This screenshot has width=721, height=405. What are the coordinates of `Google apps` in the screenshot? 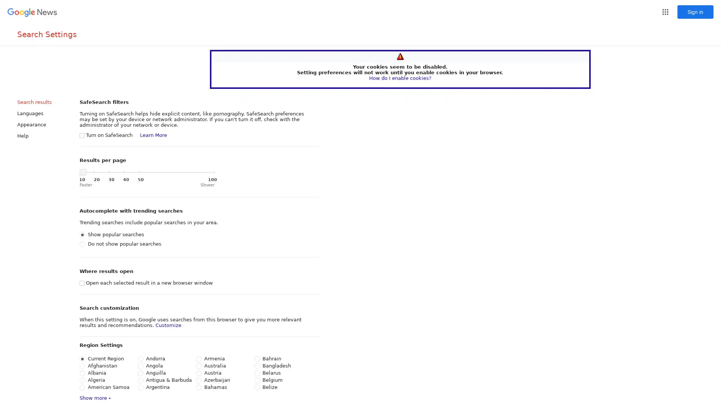 It's located at (665, 12).